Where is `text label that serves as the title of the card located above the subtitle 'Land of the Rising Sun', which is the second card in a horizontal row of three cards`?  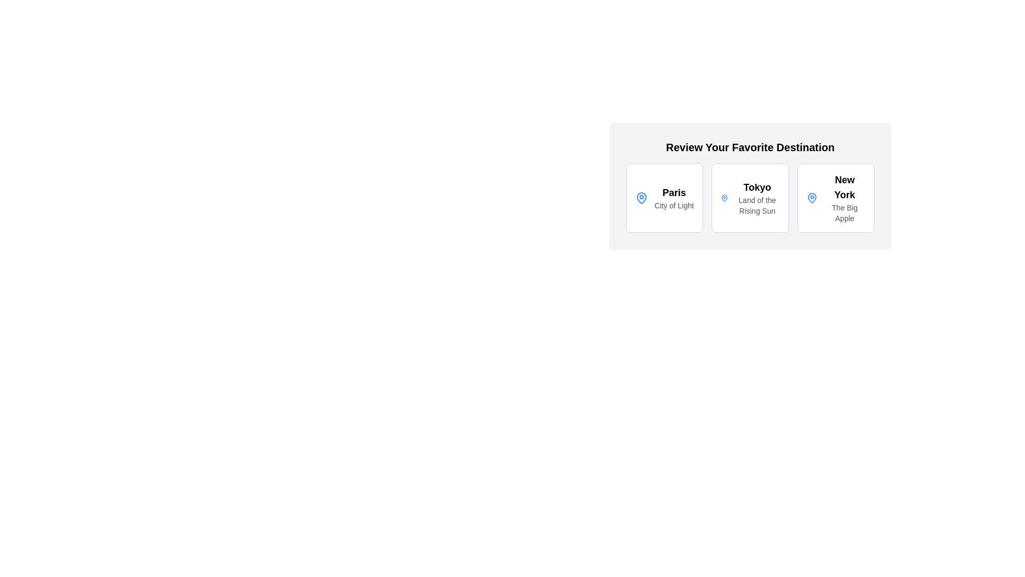
text label that serves as the title of the card located above the subtitle 'Land of the Rising Sun', which is the second card in a horizontal row of three cards is located at coordinates (756, 187).